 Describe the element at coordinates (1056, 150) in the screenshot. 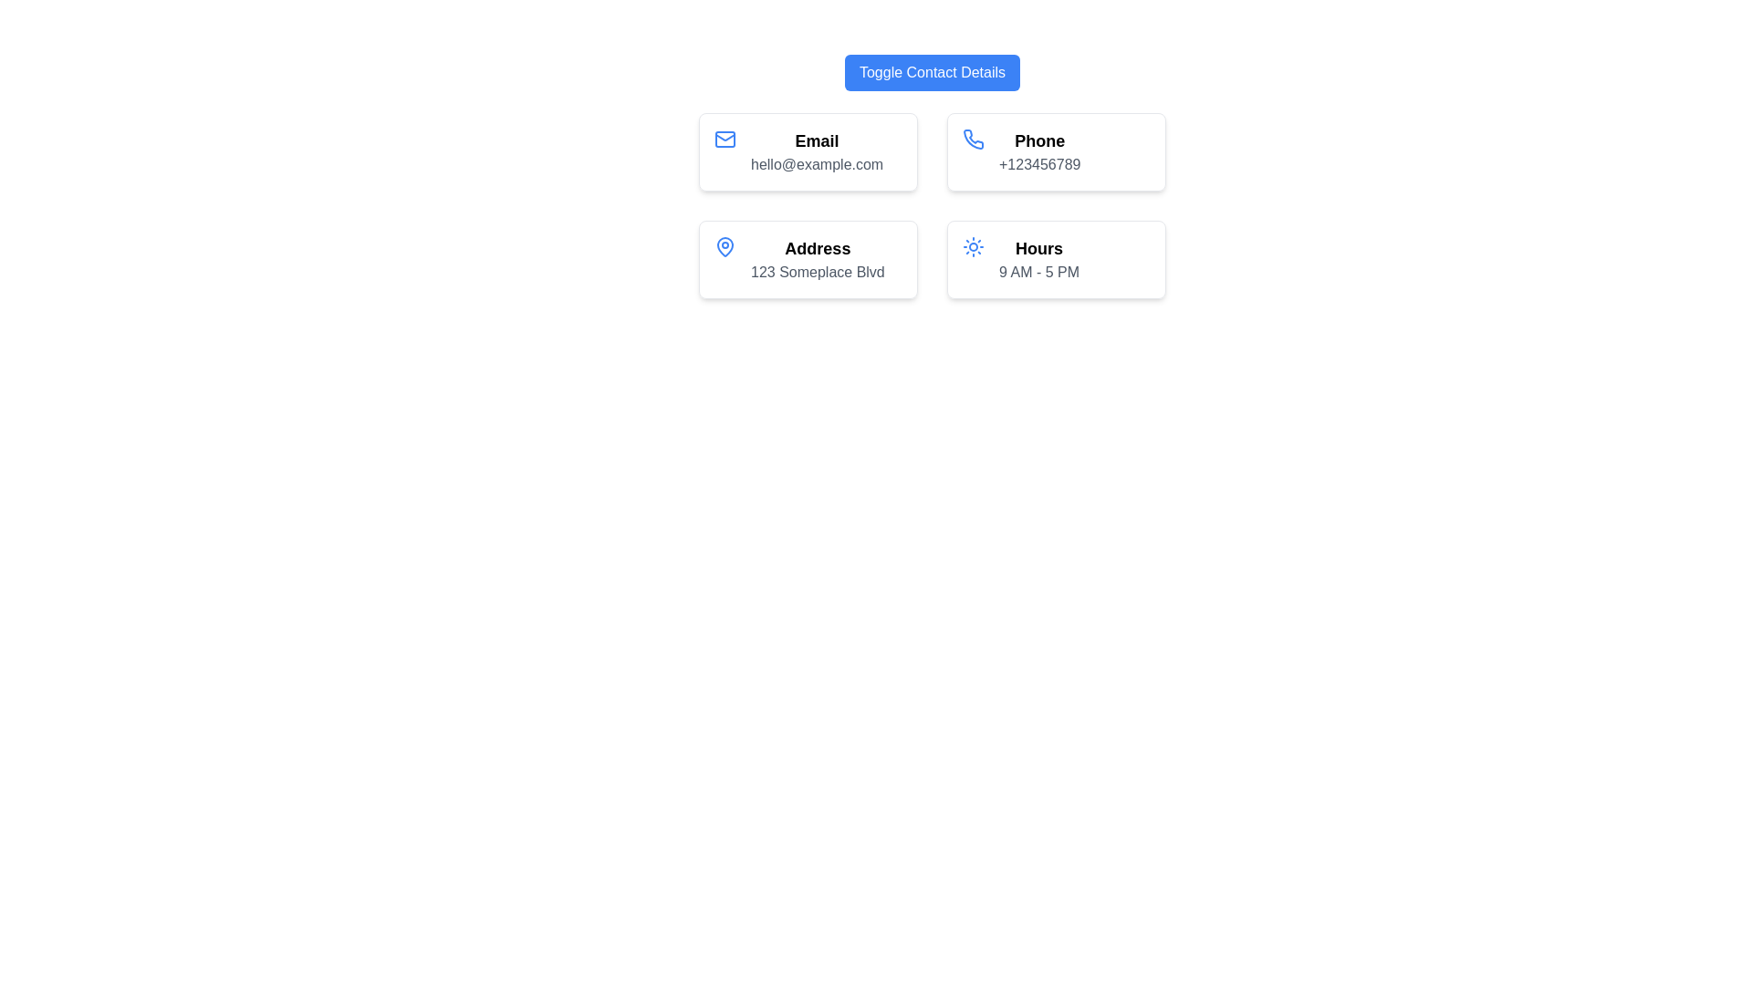

I see `phone number displayed in the informational panel, which contains a blue phone icon, the text 'Phone' in bold black, and the phone number '+123456789' in gray beneath it` at that location.